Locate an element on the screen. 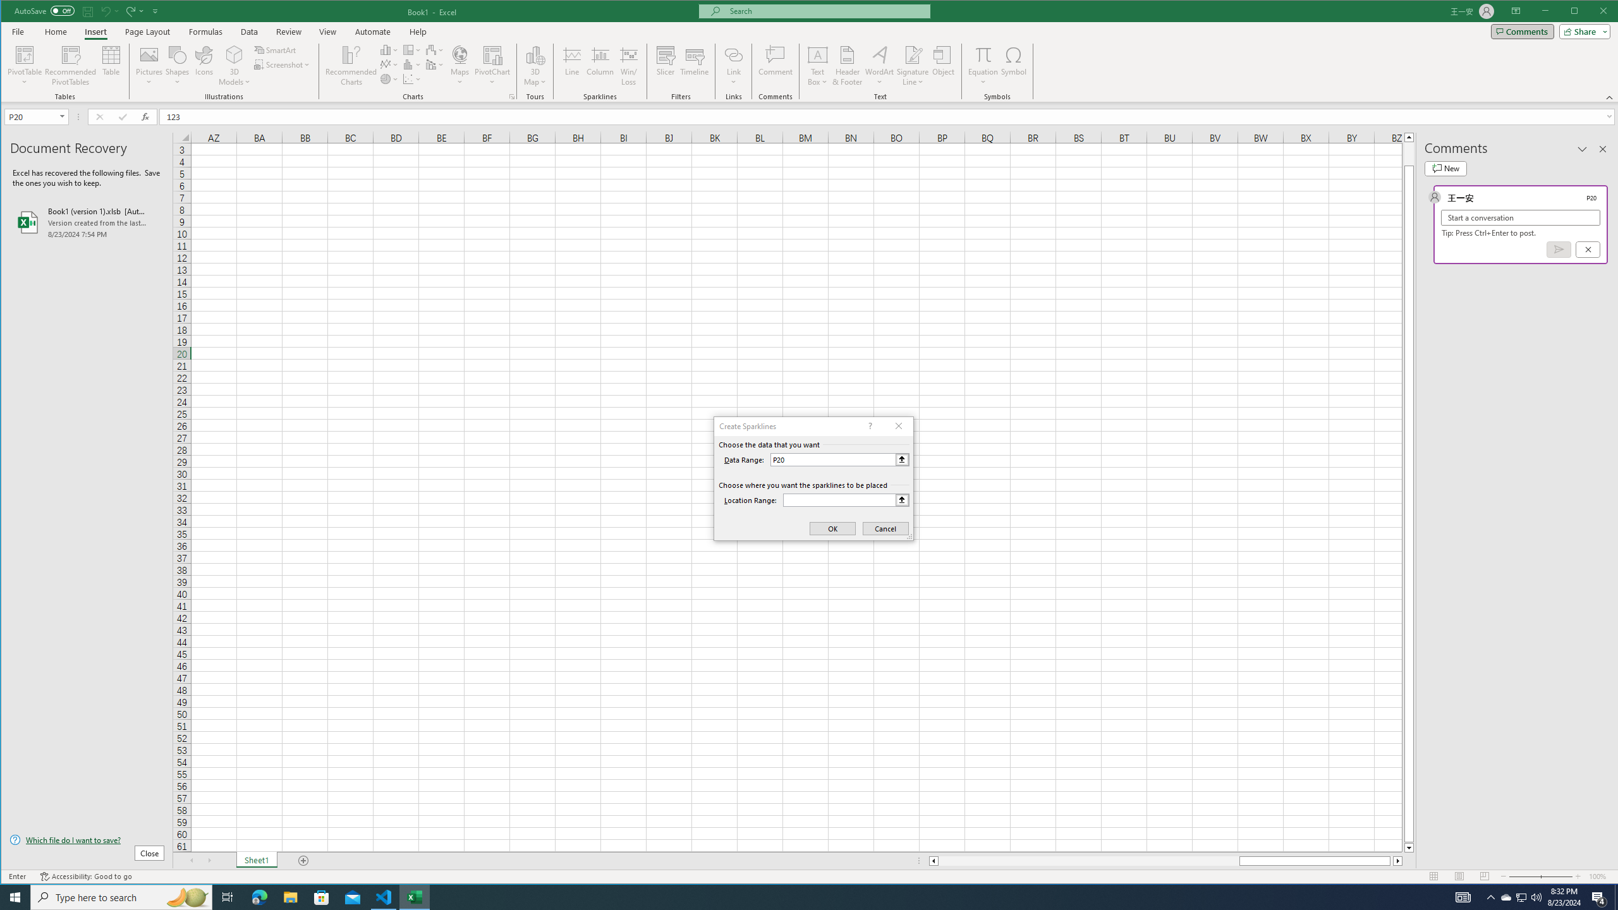  'Link' is located at coordinates (733, 54).